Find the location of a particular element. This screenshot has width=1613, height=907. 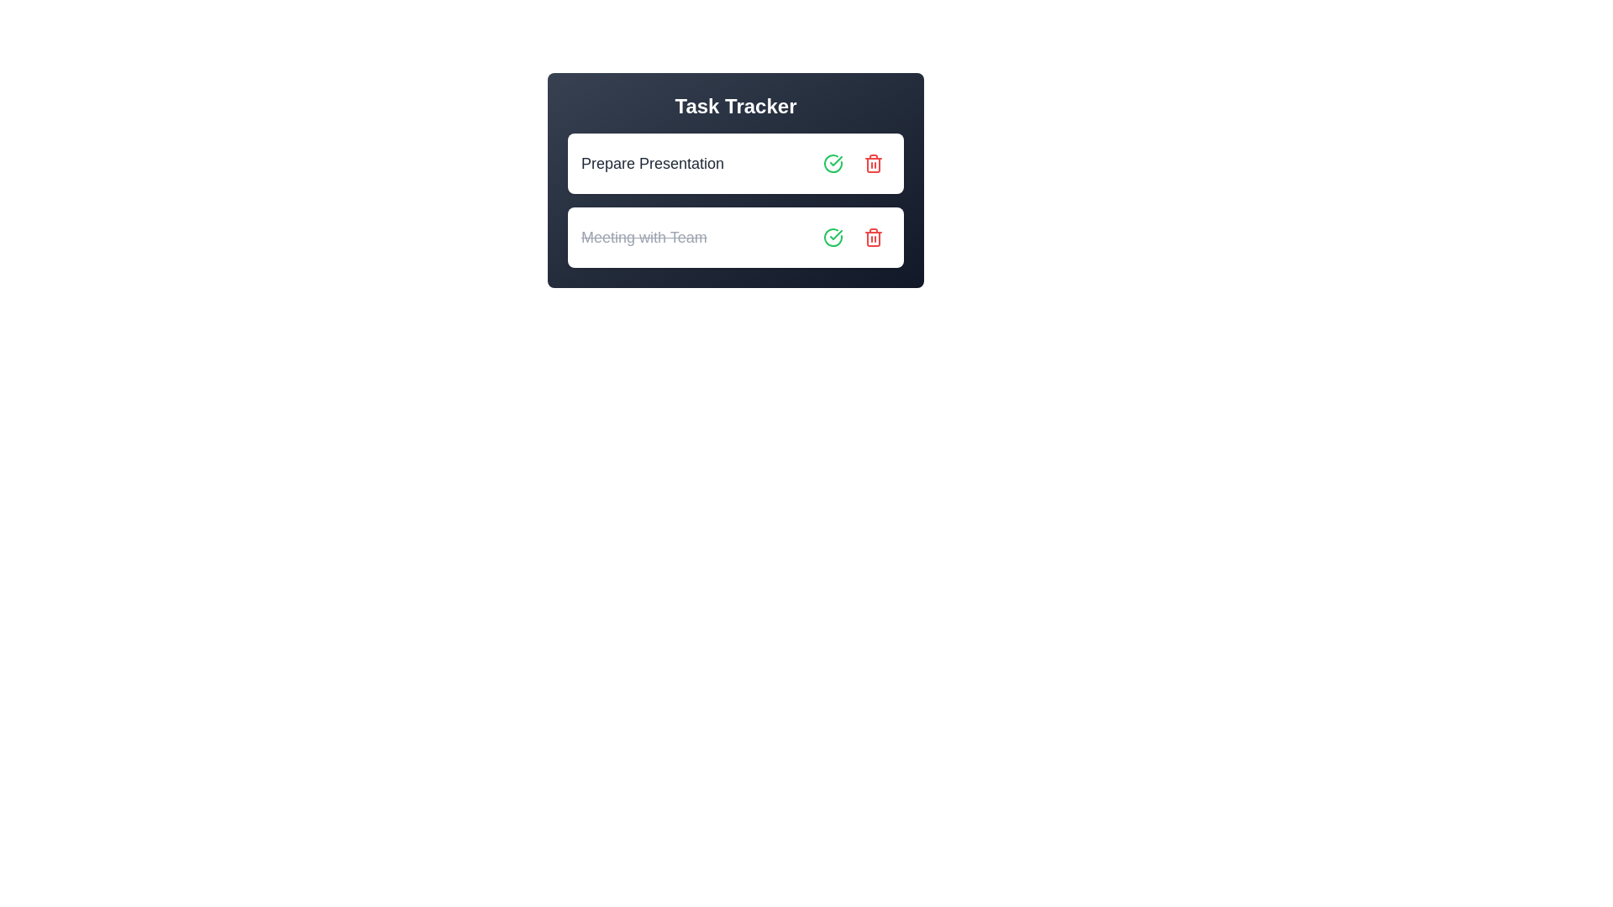

the delete icon button located in the 'Meeting with Team' task row is located at coordinates (874, 237).